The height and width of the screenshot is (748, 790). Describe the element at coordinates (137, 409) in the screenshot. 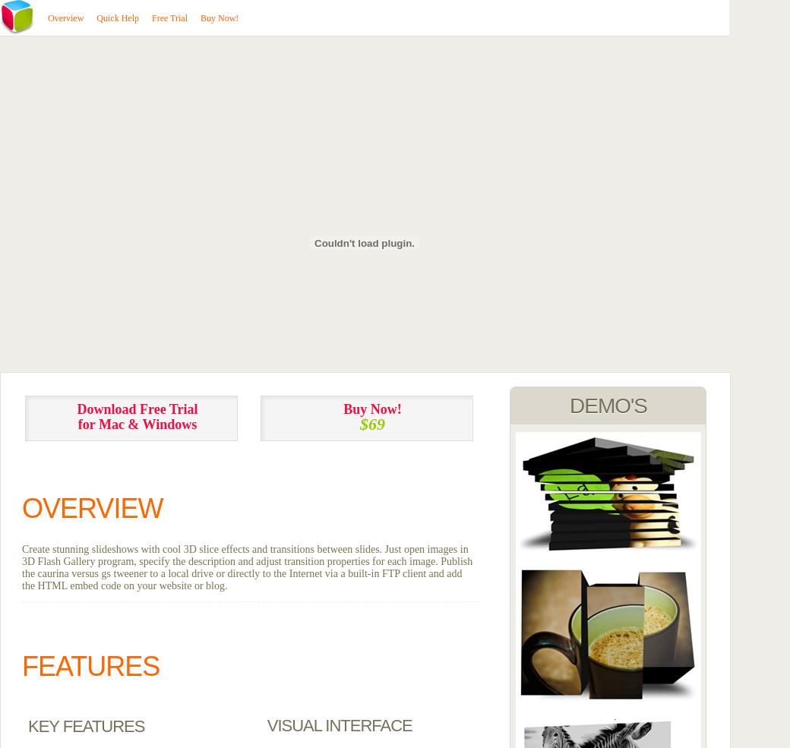

I see `'Download Free Trial'` at that location.